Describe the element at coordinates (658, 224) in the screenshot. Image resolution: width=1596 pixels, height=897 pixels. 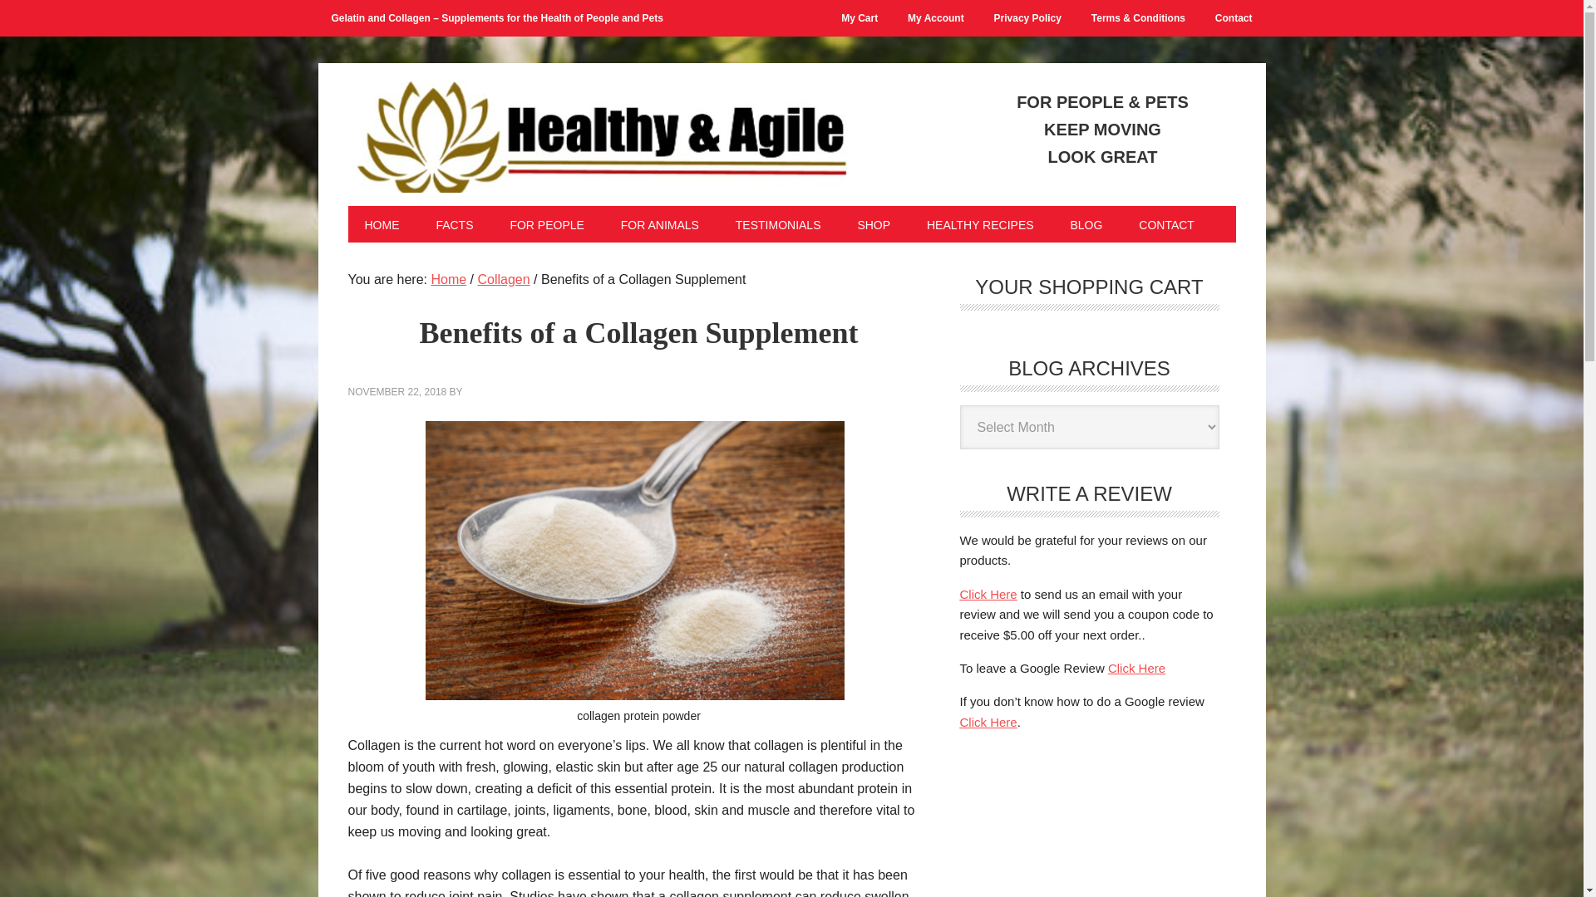
I see `'FOR ANIMALS'` at that location.